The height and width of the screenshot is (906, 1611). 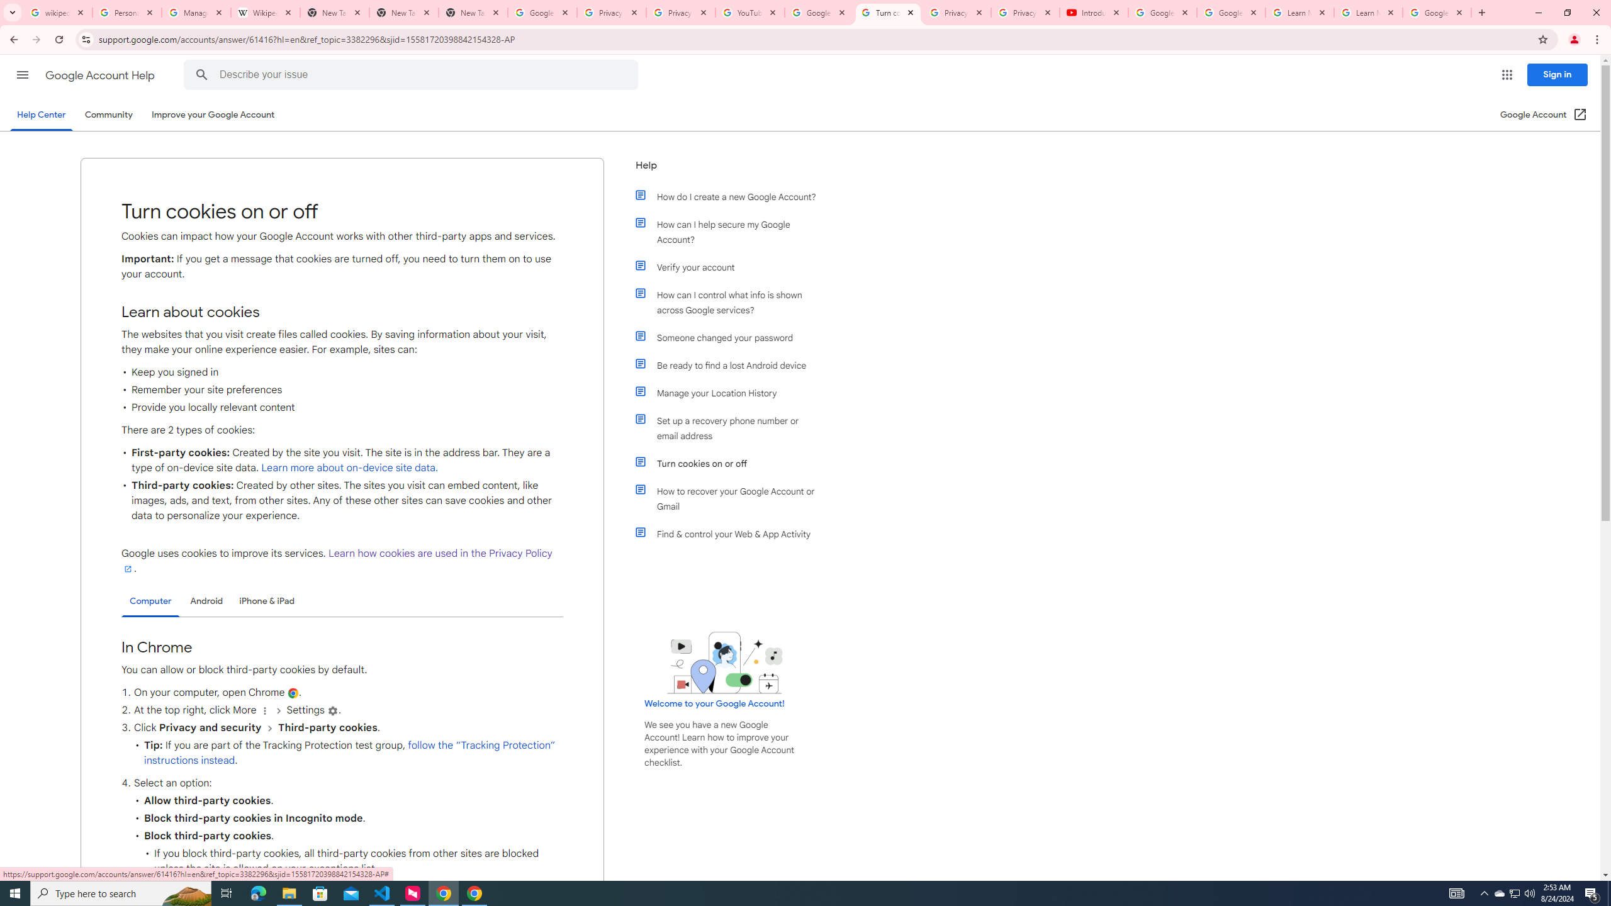 I want to click on 'Wikipedia:Edit requests - Wikipedia', so click(x=265, y=12).